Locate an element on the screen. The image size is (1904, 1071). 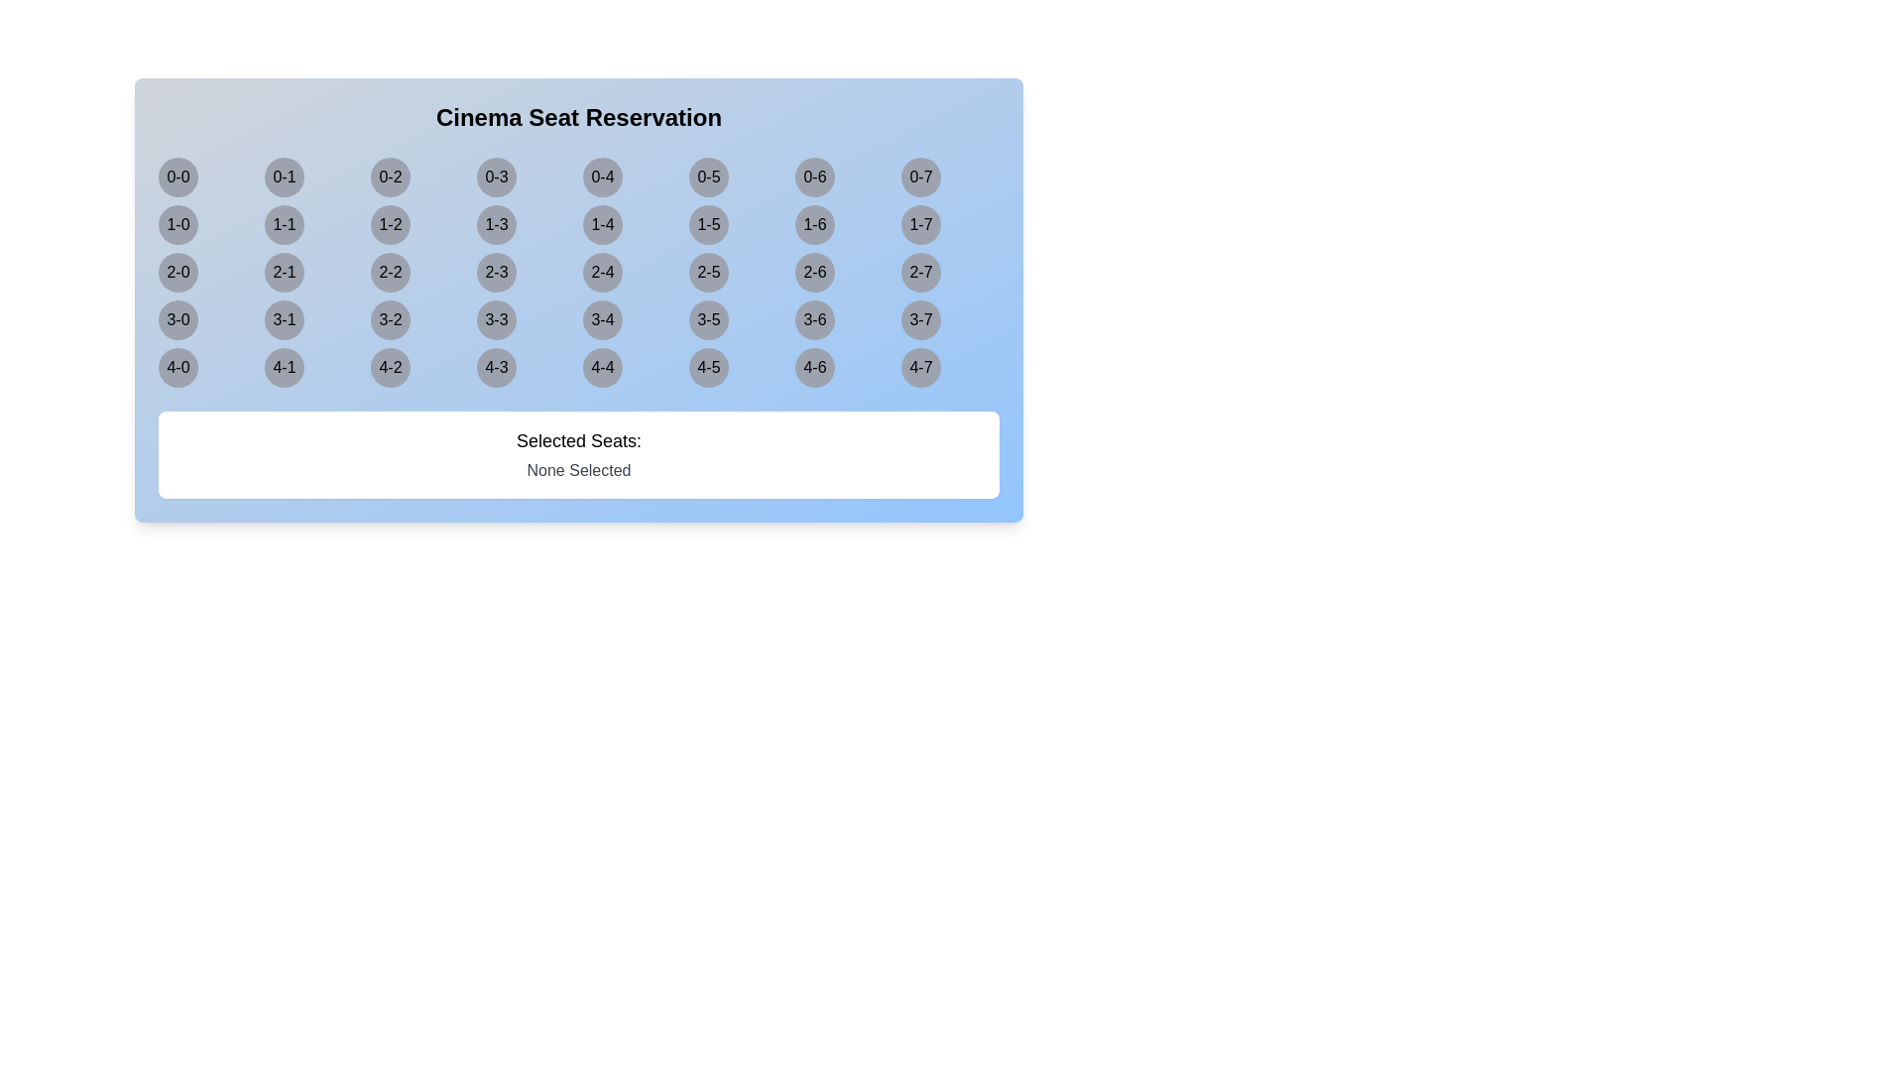
the circular button labeled '3-7' located is located at coordinates (920, 319).